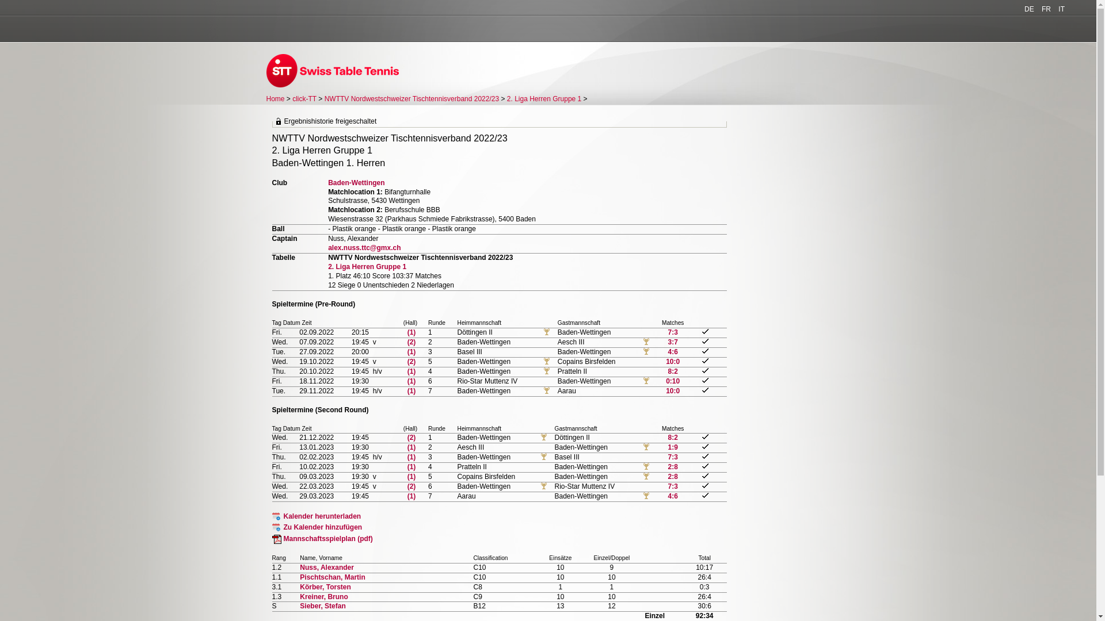  I want to click on '(1)', so click(411, 371).